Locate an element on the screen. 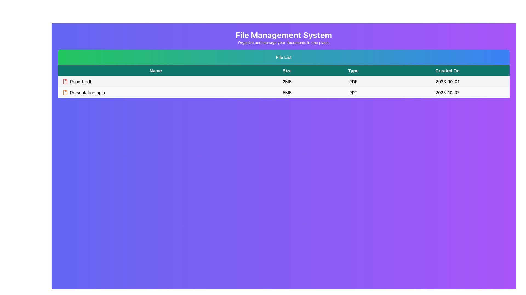 This screenshot has height=295, width=526. displayed details of the text block containing 'File Management System' and its description 'Organize and manage your documents in one place.' is located at coordinates (284, 37).